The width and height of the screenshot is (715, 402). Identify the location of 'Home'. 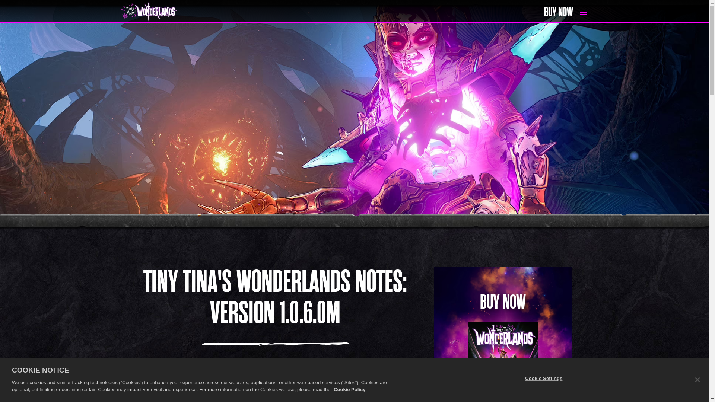
(121, 12).